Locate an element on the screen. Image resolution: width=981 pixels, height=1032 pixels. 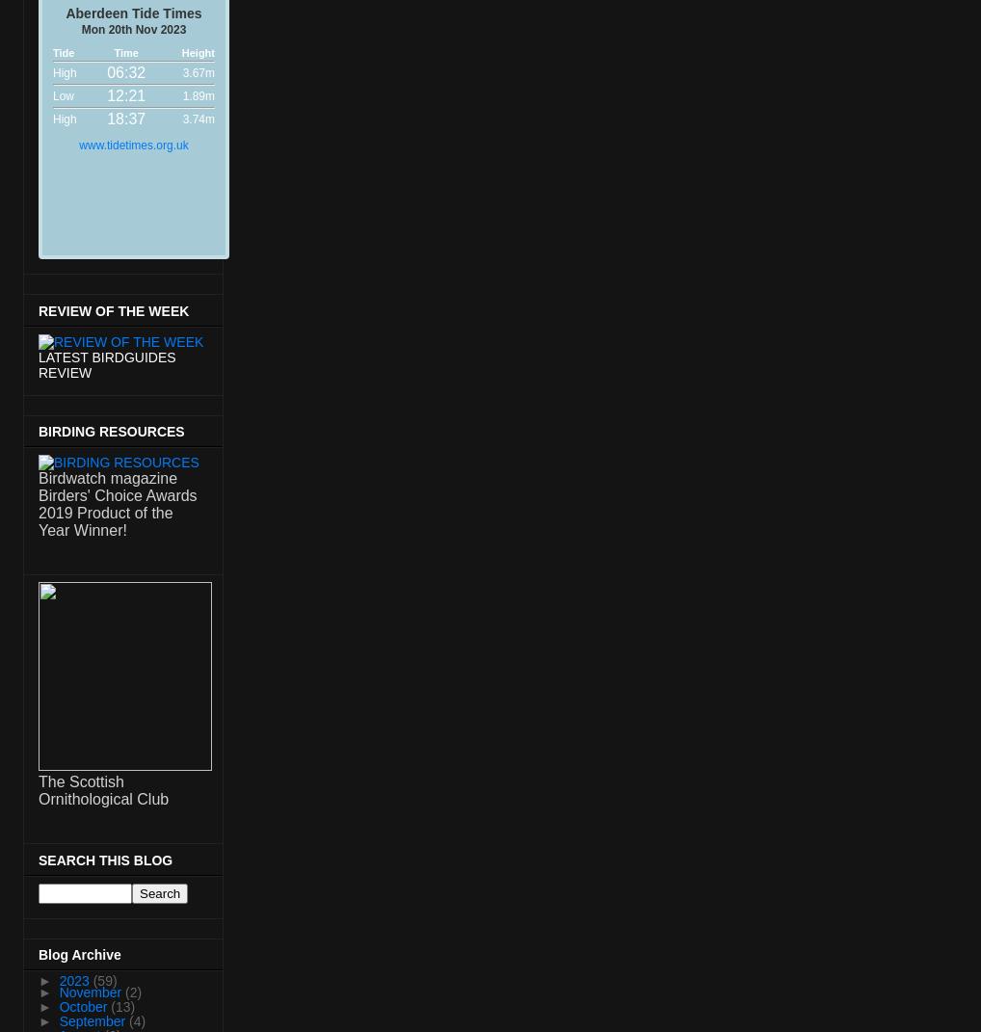
'October' is located at coordinates (58, 1006).